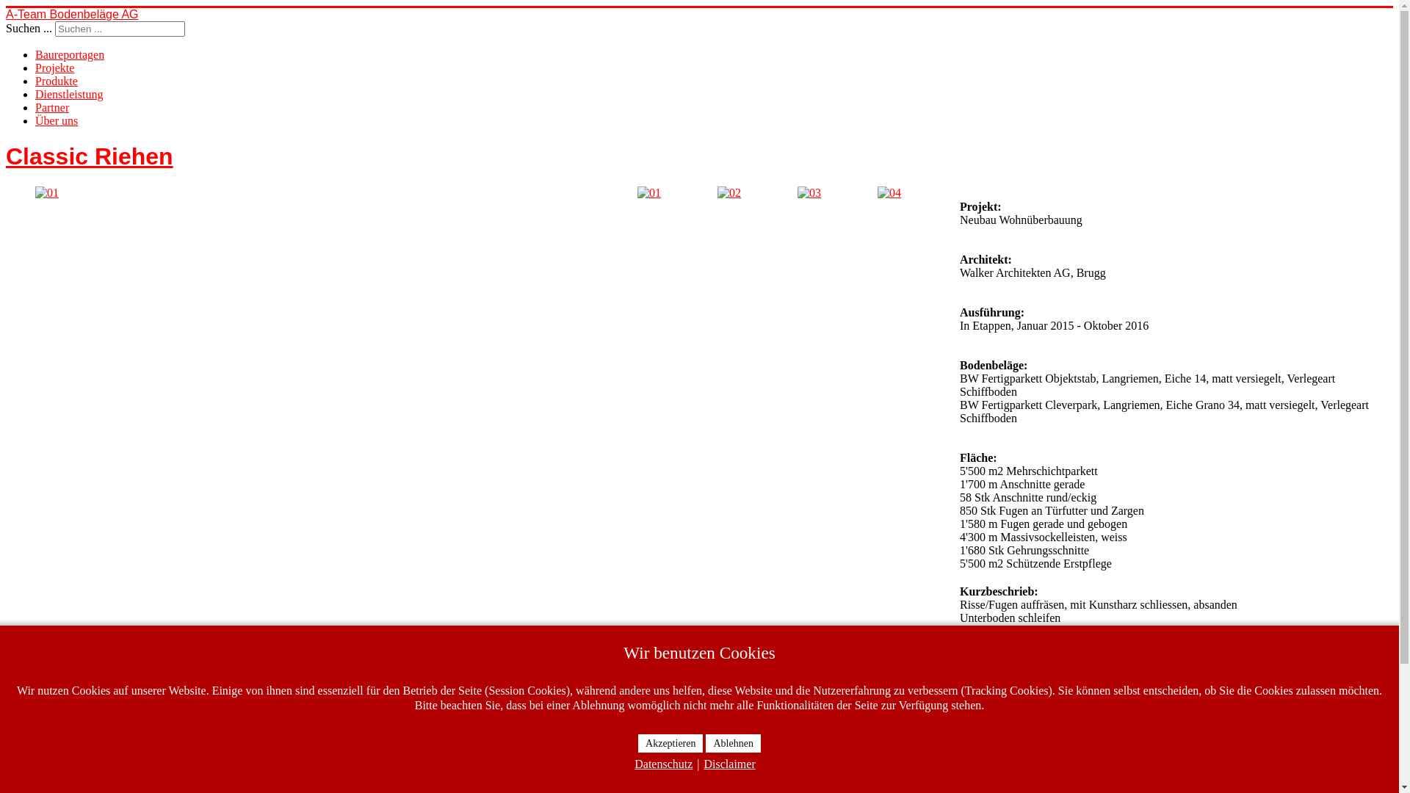  I want to click on '02', so click(729, 192).